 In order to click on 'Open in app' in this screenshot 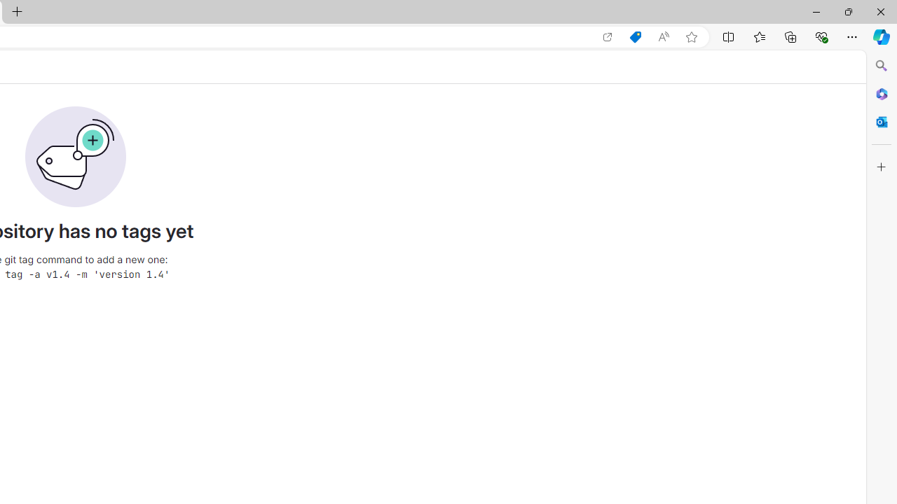, I will do `click(608, 36)`.